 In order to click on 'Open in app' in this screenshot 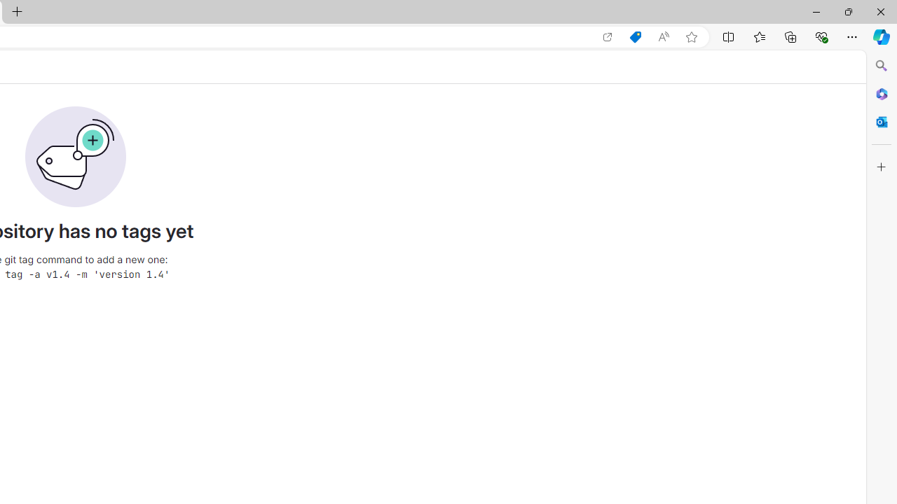, I will do `click(608, 36)`.